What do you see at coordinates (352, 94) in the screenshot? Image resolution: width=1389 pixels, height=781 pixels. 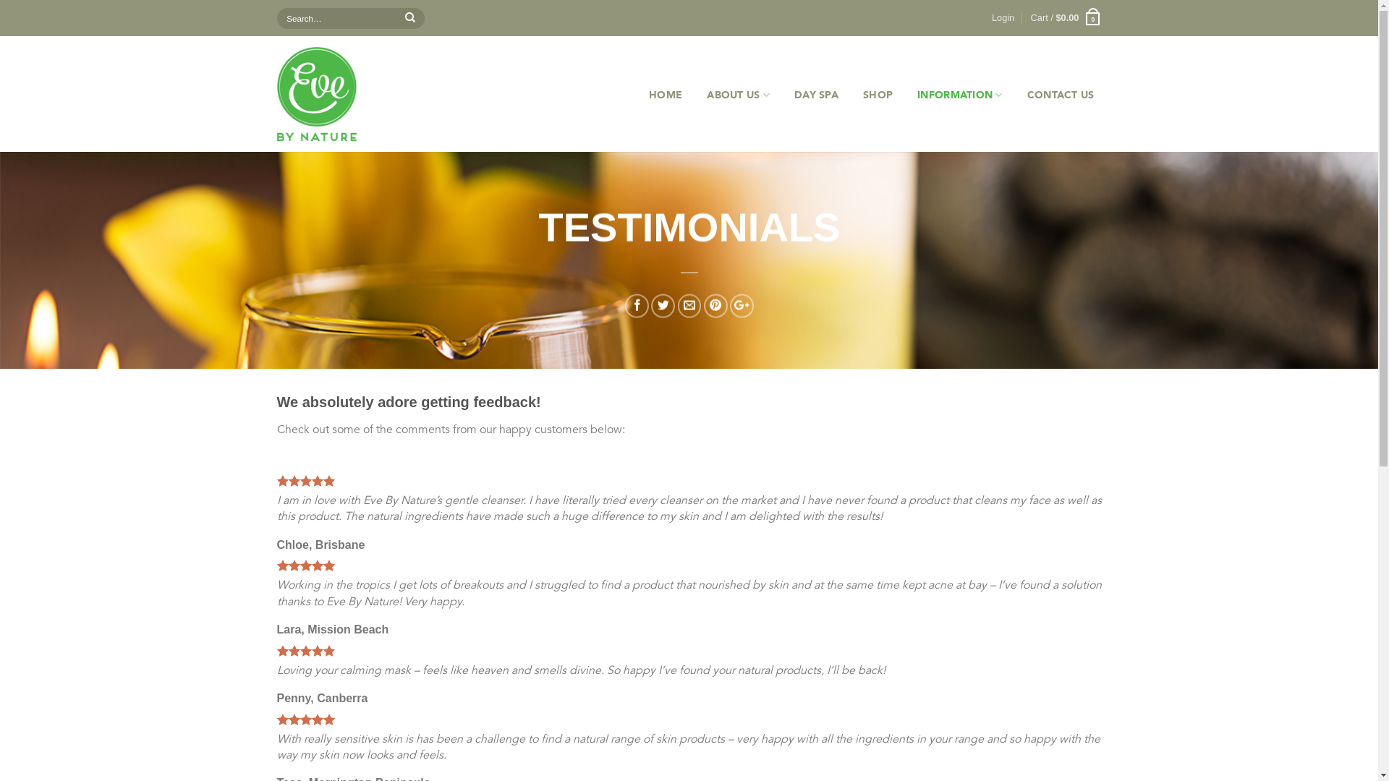 I see `'Eve By Nature - Beautiful natural skin care products'` at bounding box center [352, 94].